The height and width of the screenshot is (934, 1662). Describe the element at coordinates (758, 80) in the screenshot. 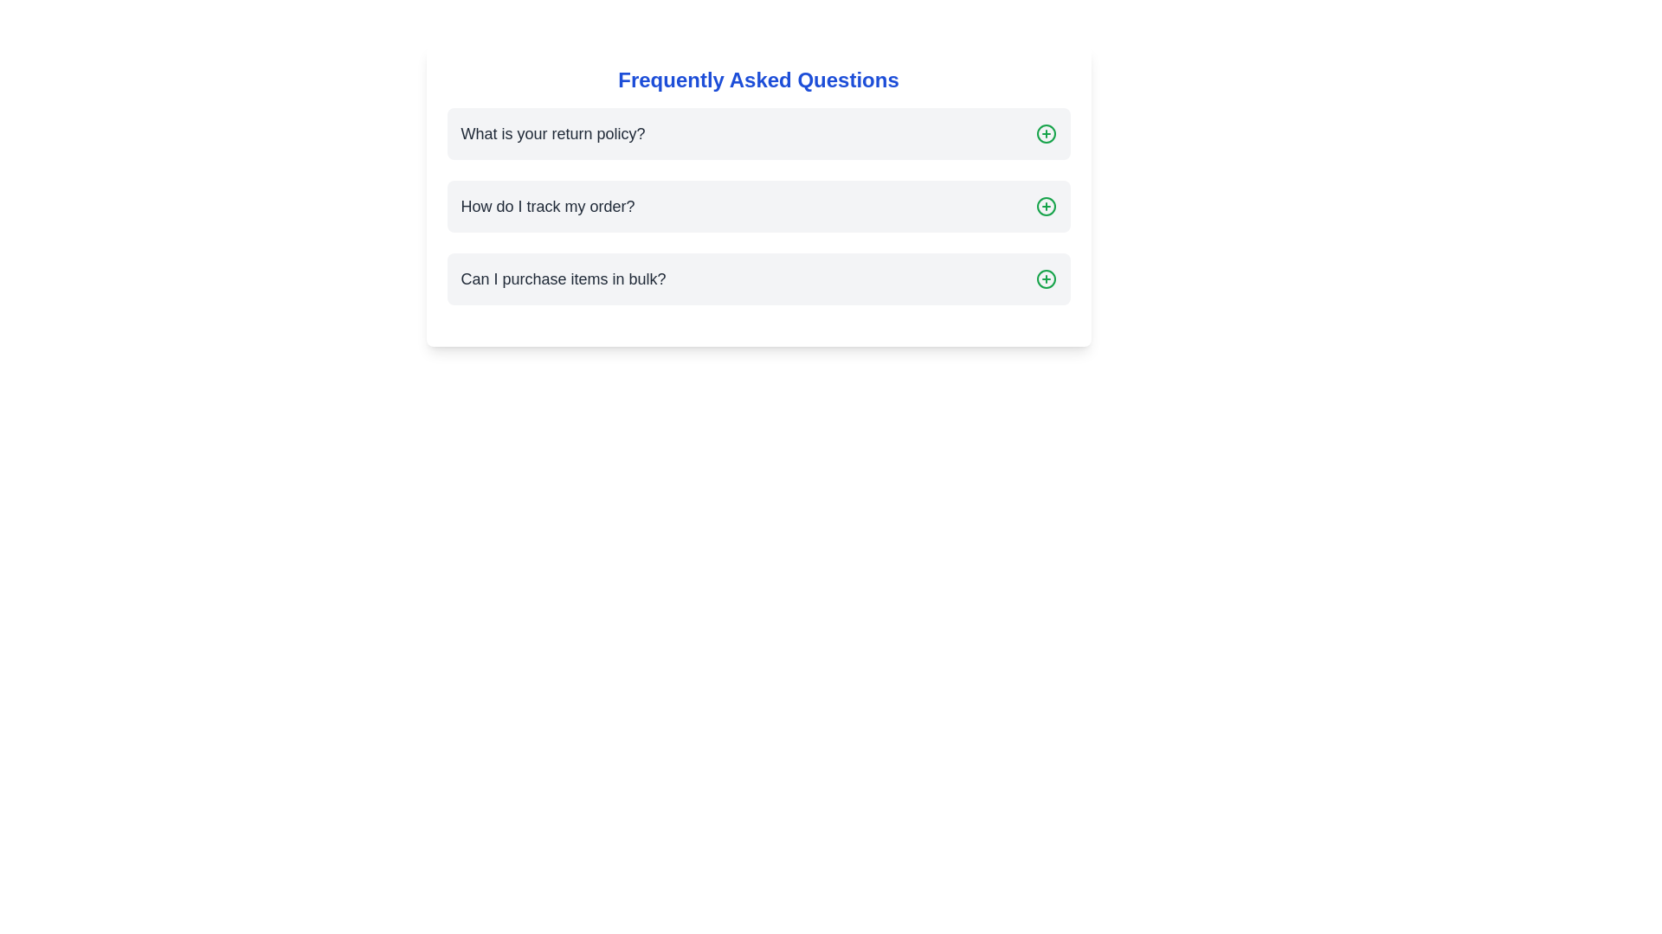

I see `the Header text that introduces the Frequently Asked Questions section, which is positioned at the very top of the list and centered horizontally` at that location.